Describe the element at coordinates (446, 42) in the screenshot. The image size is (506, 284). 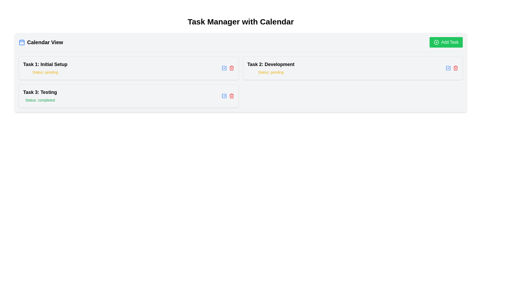
I see `the 'Calendar View Add Task' button` at that location.